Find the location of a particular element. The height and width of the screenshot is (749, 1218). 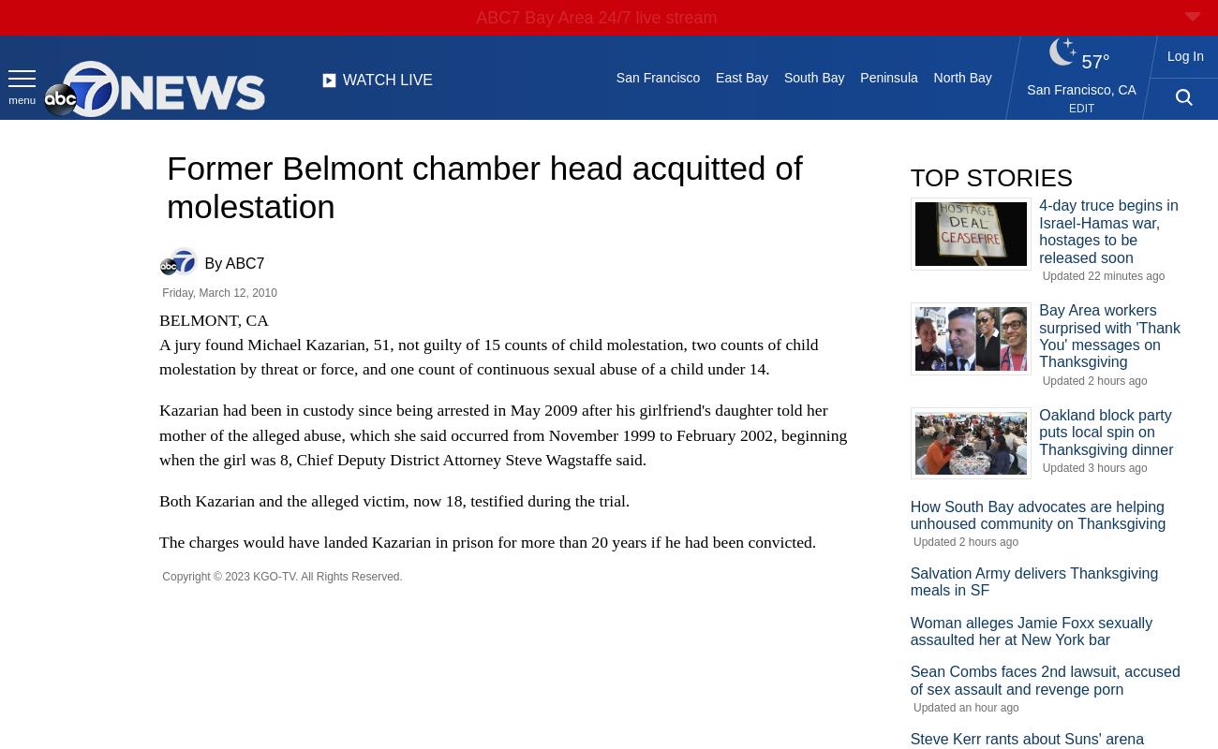

'WATCH' is located at coordinates (369, 79).